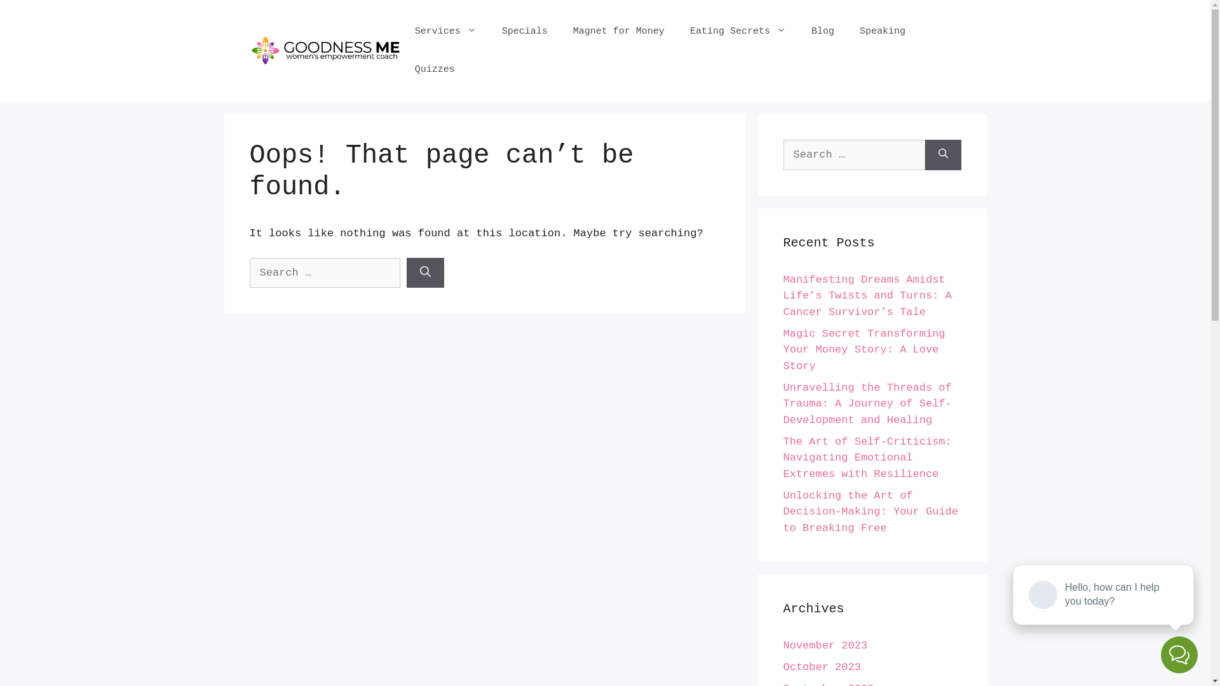  I want to click on 'Quizzes', so click(435, 70).